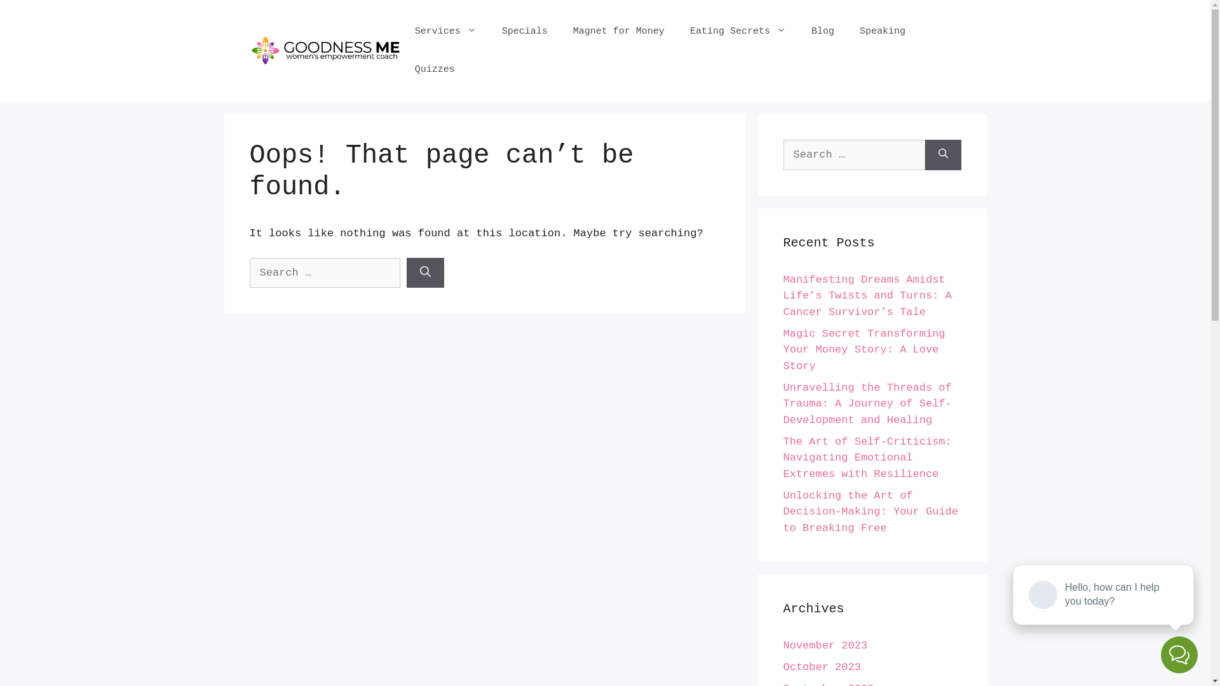  I want to click on 'Quizzes', so click(435, 70).